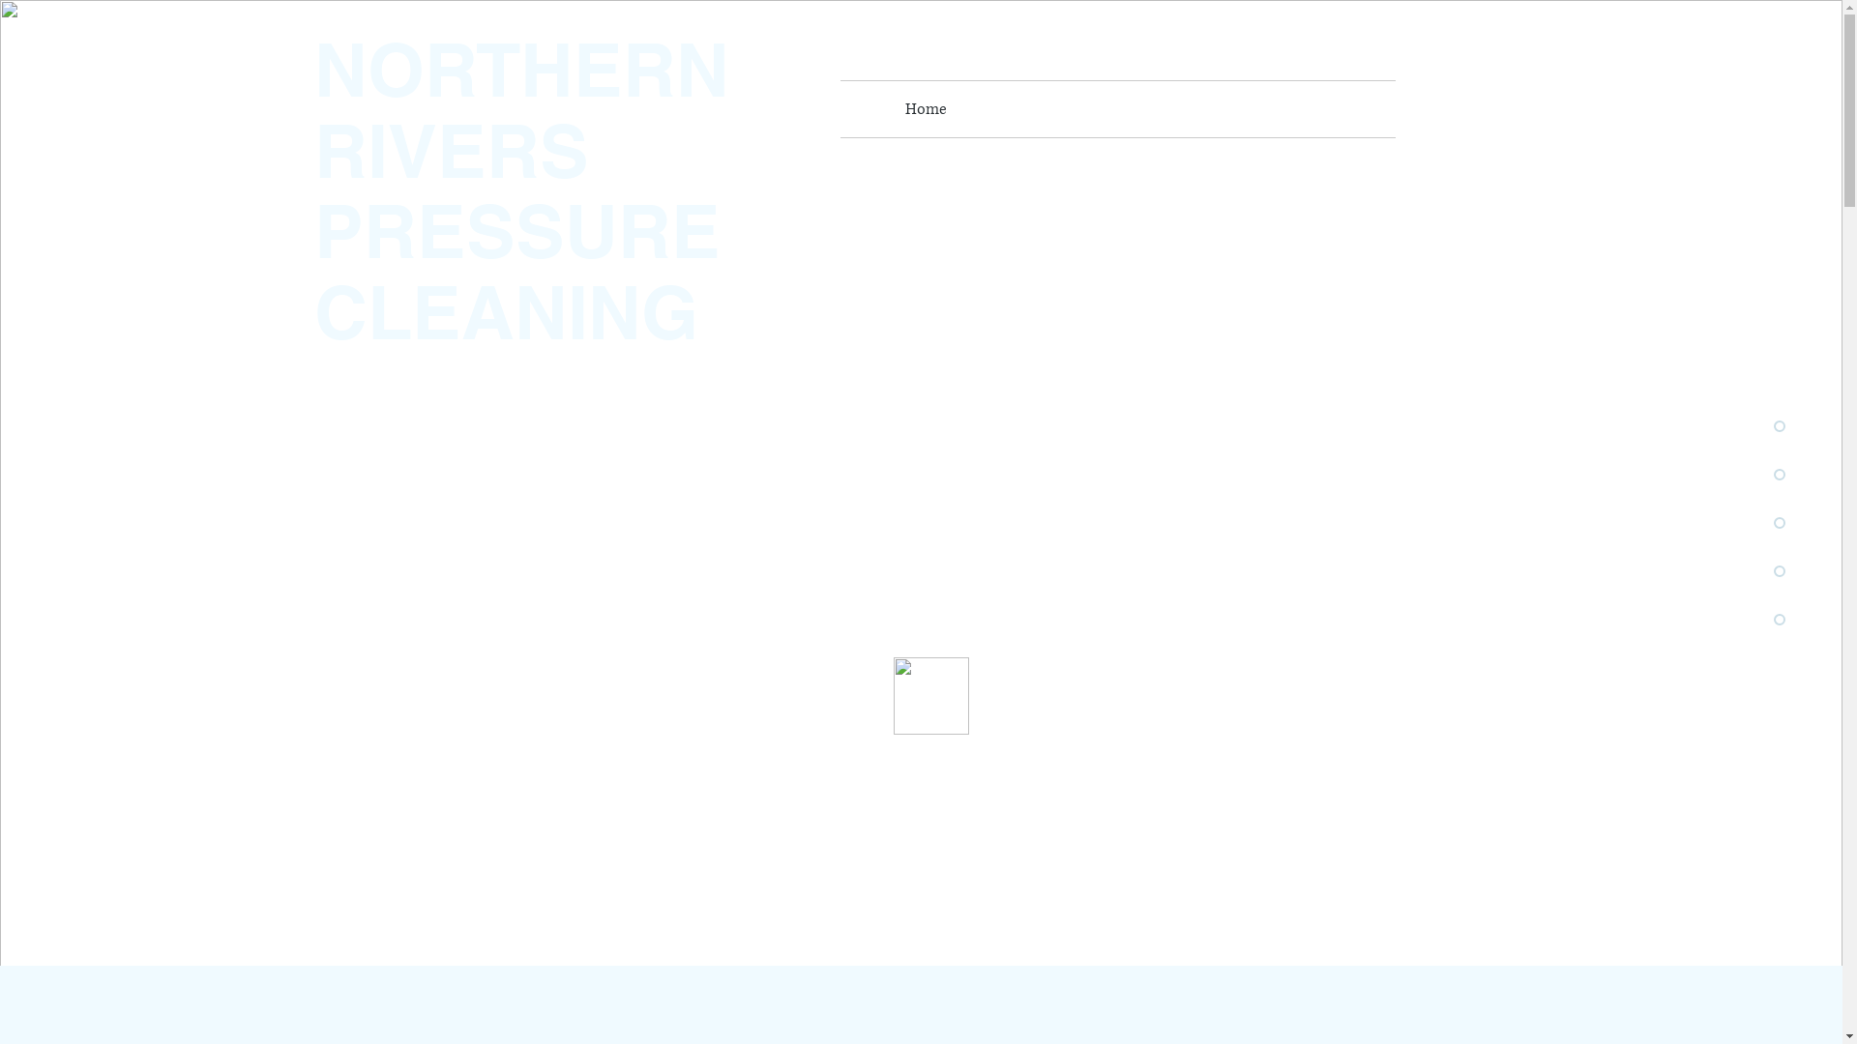  I want to click on 'NRPC', so click(1079, 108).